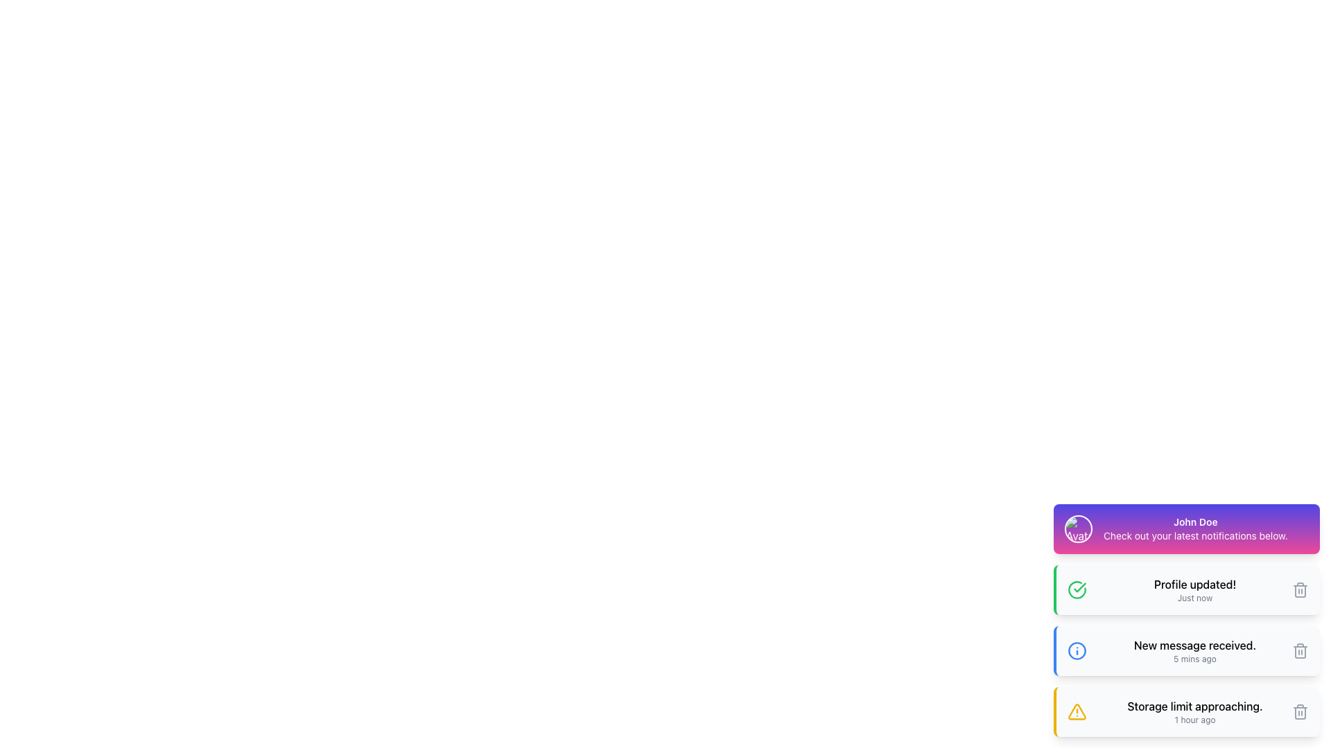  I want to click on the delete button located at the middle-right corner of the notification card labeled 'New message received. 5 mins ago' to change its color, so click(1300, 651).